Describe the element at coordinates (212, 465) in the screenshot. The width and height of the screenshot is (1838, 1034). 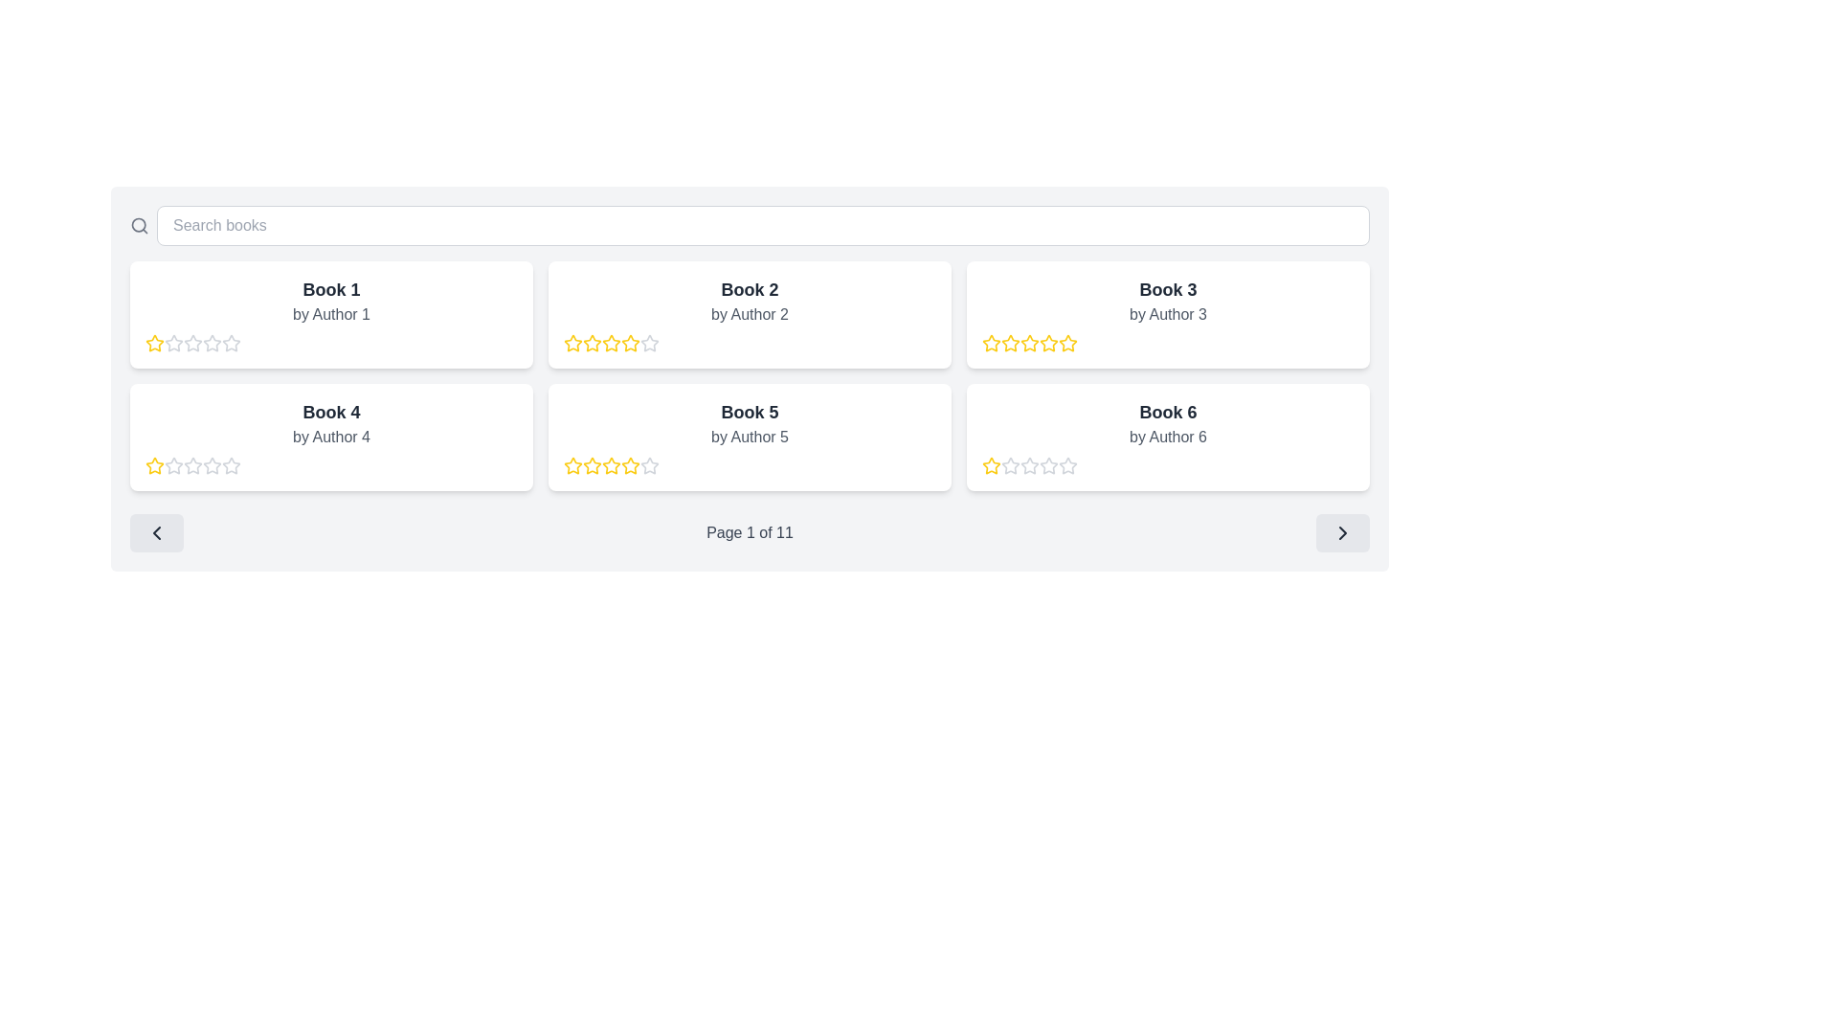
I see `the third Rating Star Icon in gray color located under the title 'Book 4' and the author name 'by Author 4'` at that location.